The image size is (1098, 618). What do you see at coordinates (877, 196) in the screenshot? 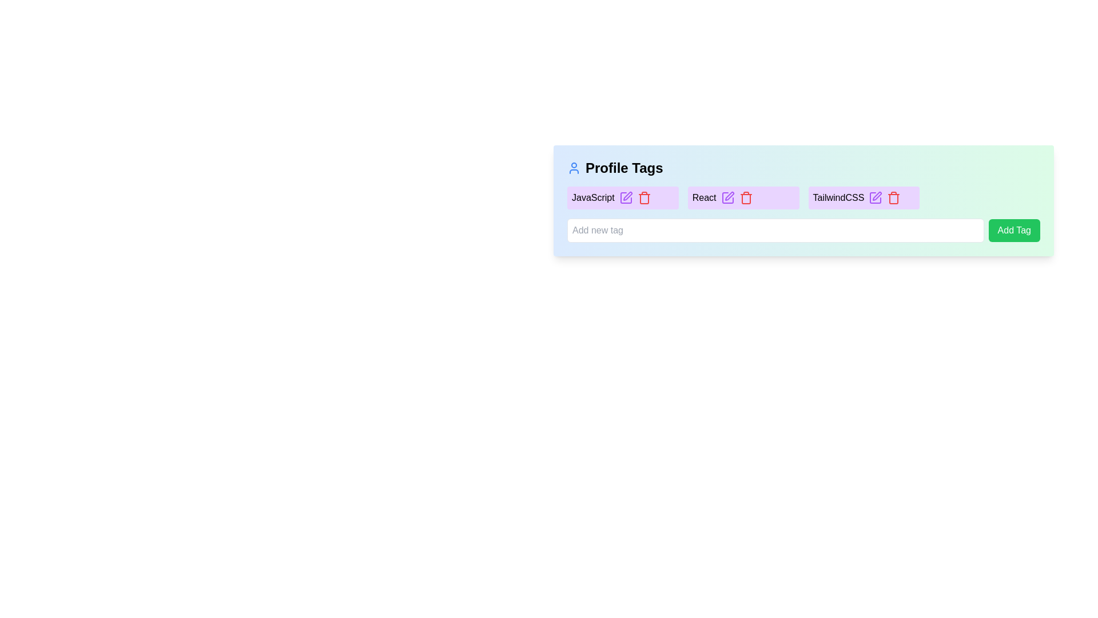
I see `the purple pen icon button located on the right side of the 'TailwindCSS' tag to initiate editing of the associated tag` at bounding box center [877, 196].